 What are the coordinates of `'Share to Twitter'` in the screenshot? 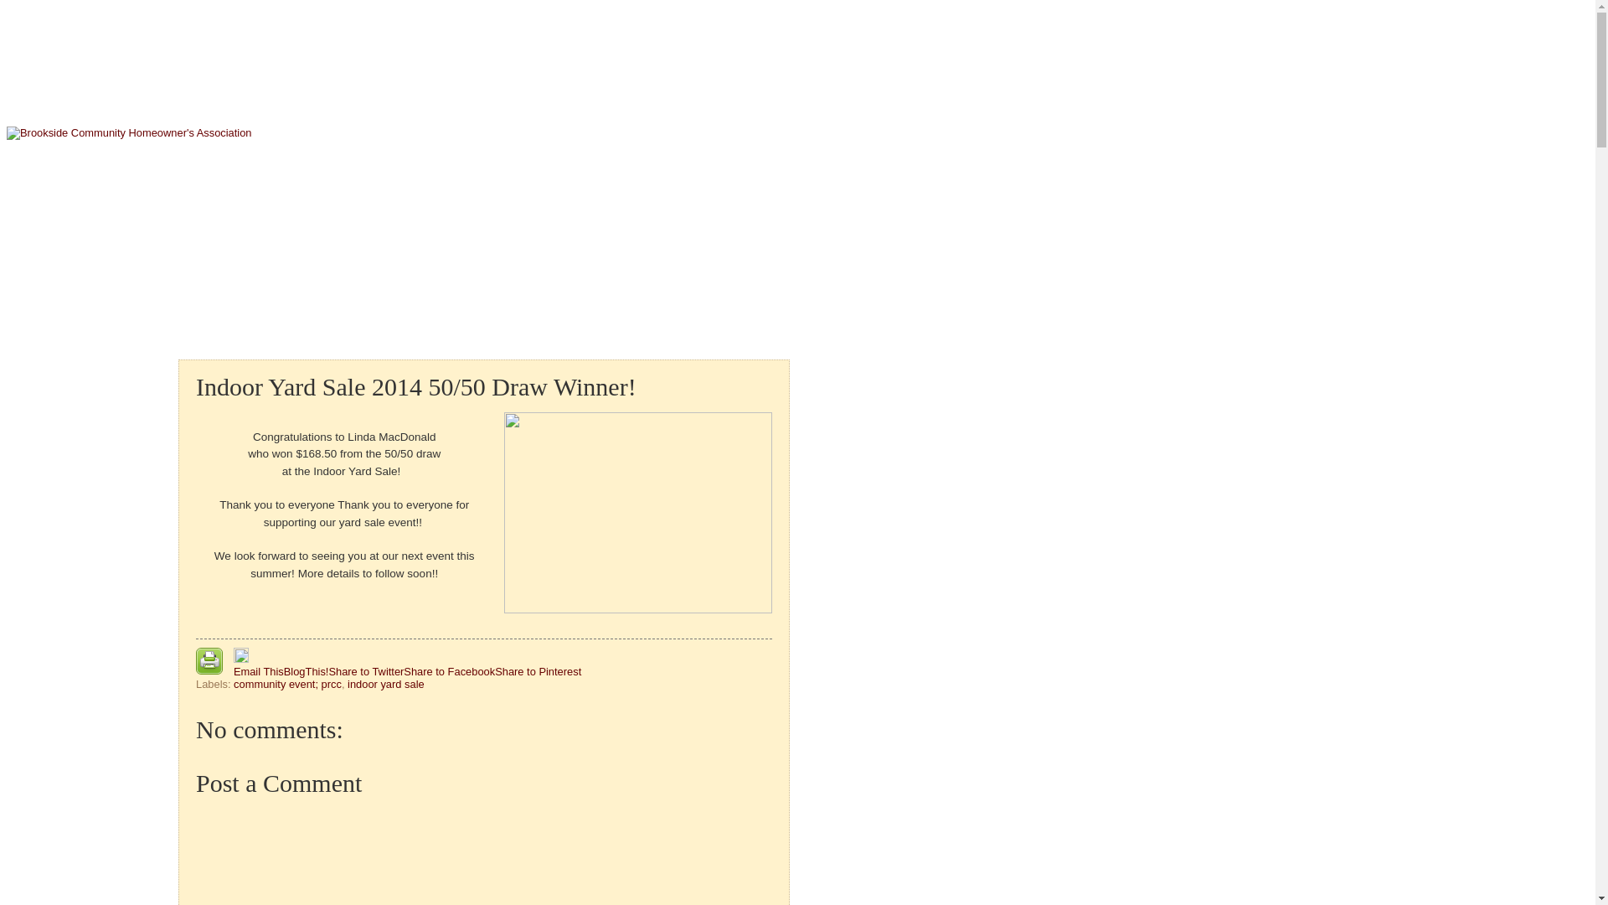 It's located at (364, 670).